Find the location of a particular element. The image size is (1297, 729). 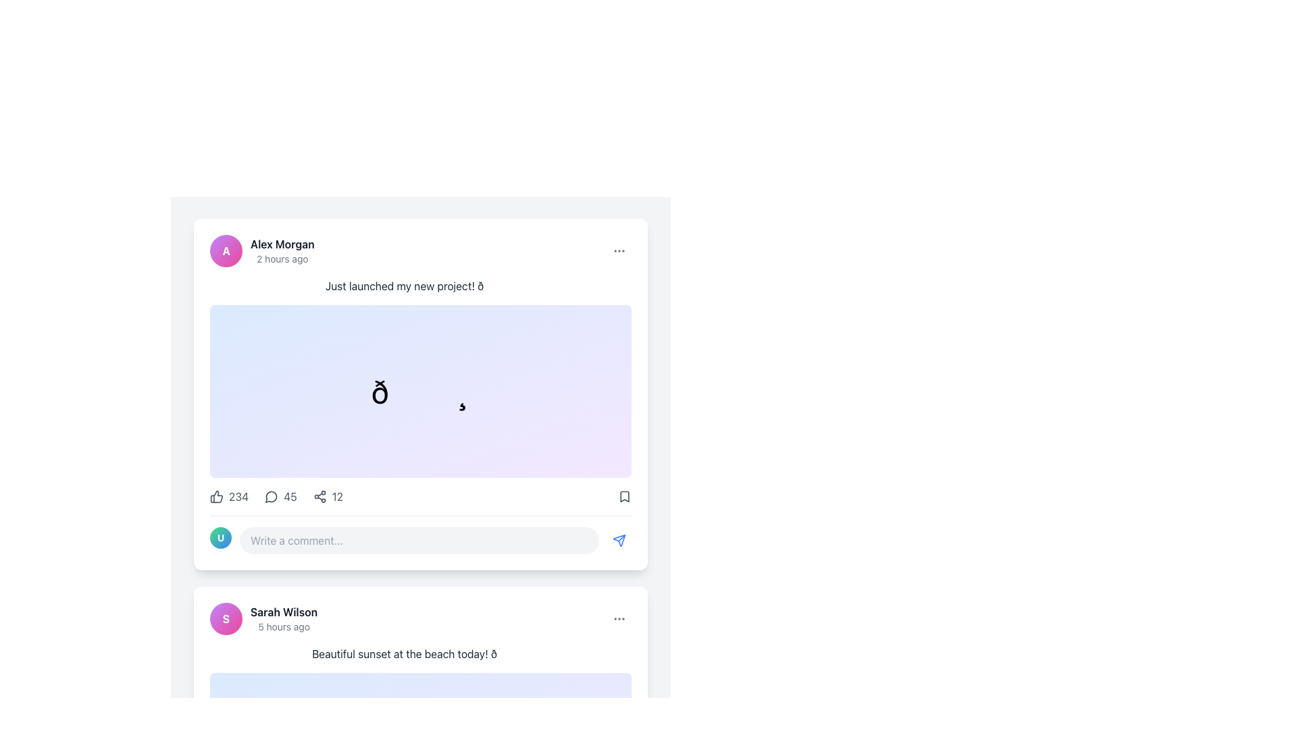

the Comment Input Section located at the bottom edge of the post by 'Alex Morgan' for additional visual feedback is located at coordinates (420, 540).